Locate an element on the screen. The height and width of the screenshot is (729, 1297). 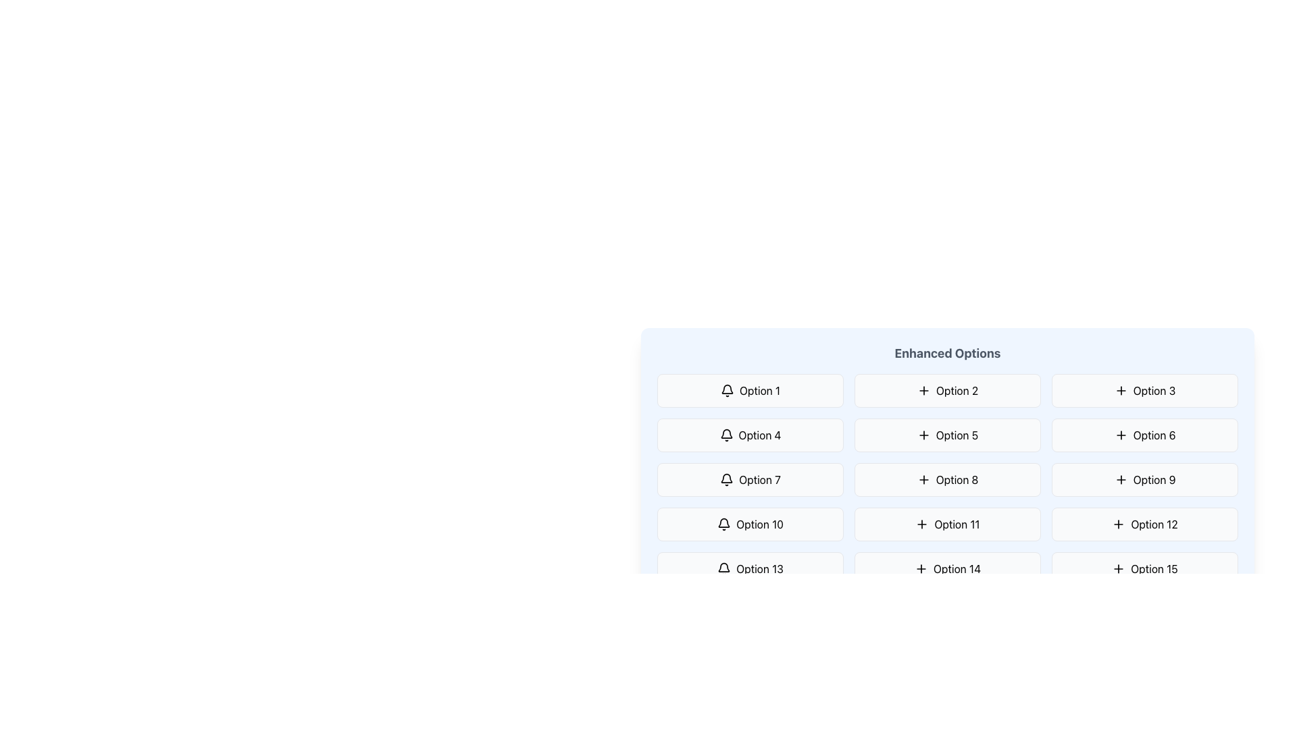
the plus-shaped icon located centrally within the button labeled 'Option 11' is located at coordinates (921, 523).